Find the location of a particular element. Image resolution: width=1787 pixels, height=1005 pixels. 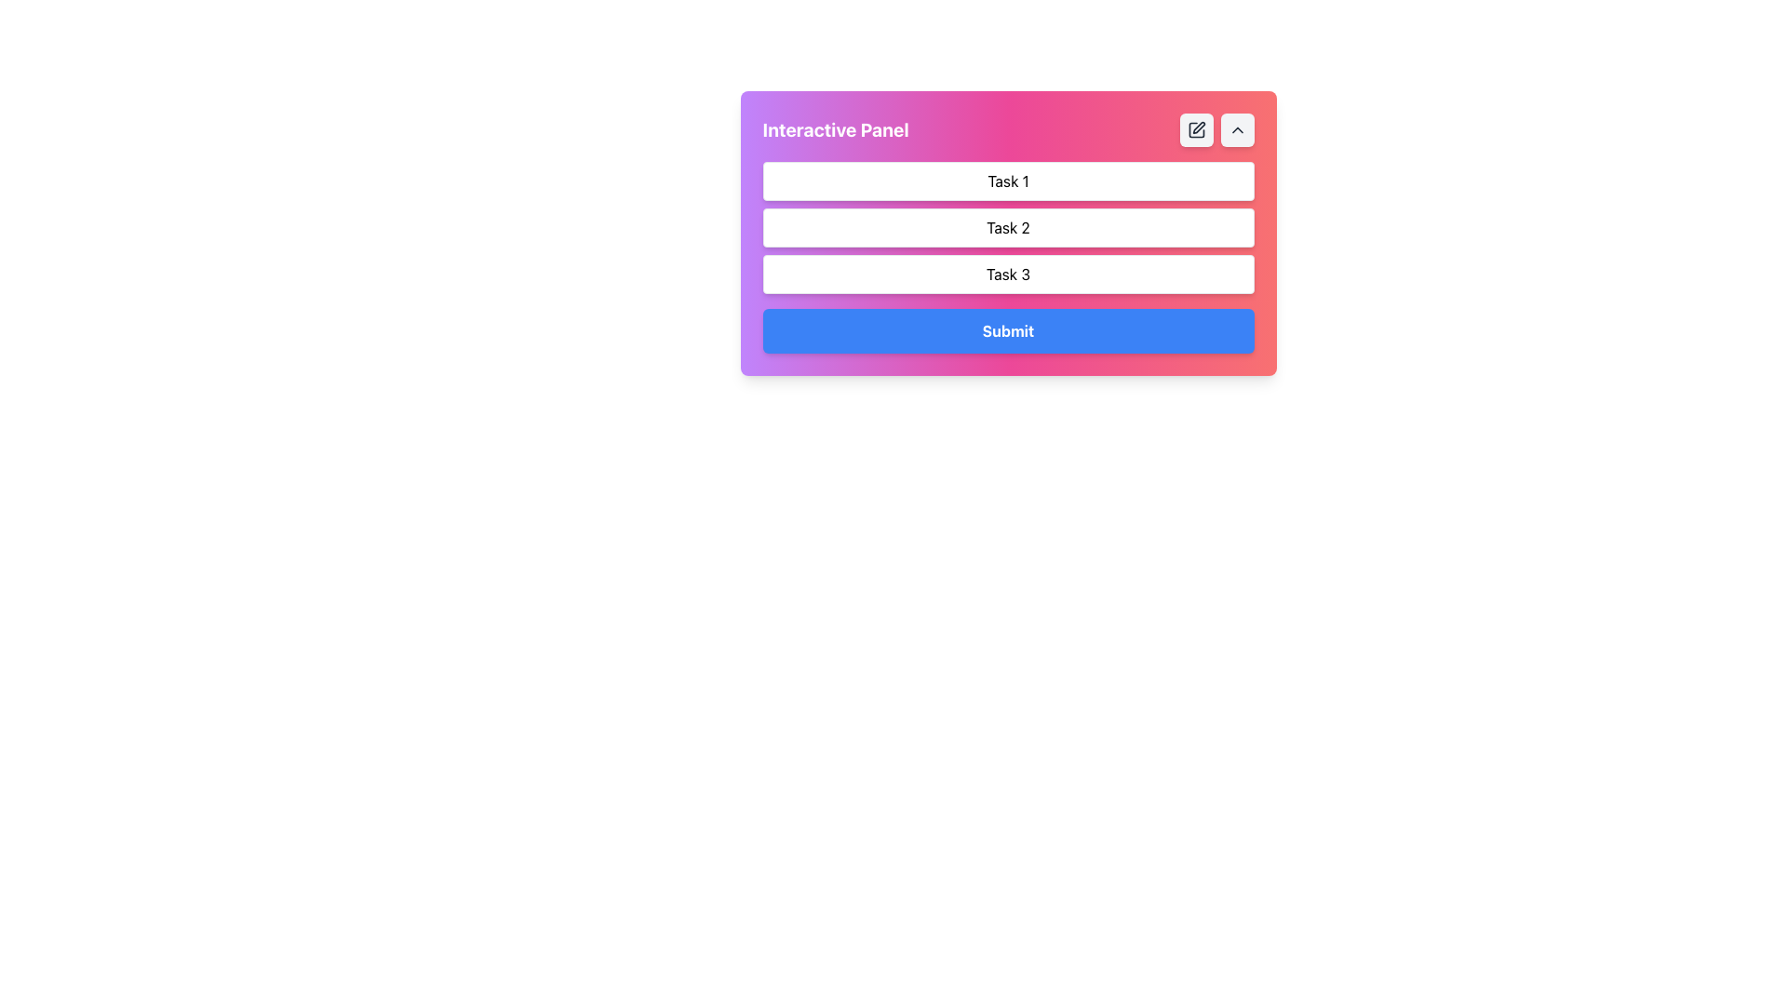

the icon button resembling a square with a pen inside, located in the top right corner of the panel's gradient header is located at coordinates (1196, 128).